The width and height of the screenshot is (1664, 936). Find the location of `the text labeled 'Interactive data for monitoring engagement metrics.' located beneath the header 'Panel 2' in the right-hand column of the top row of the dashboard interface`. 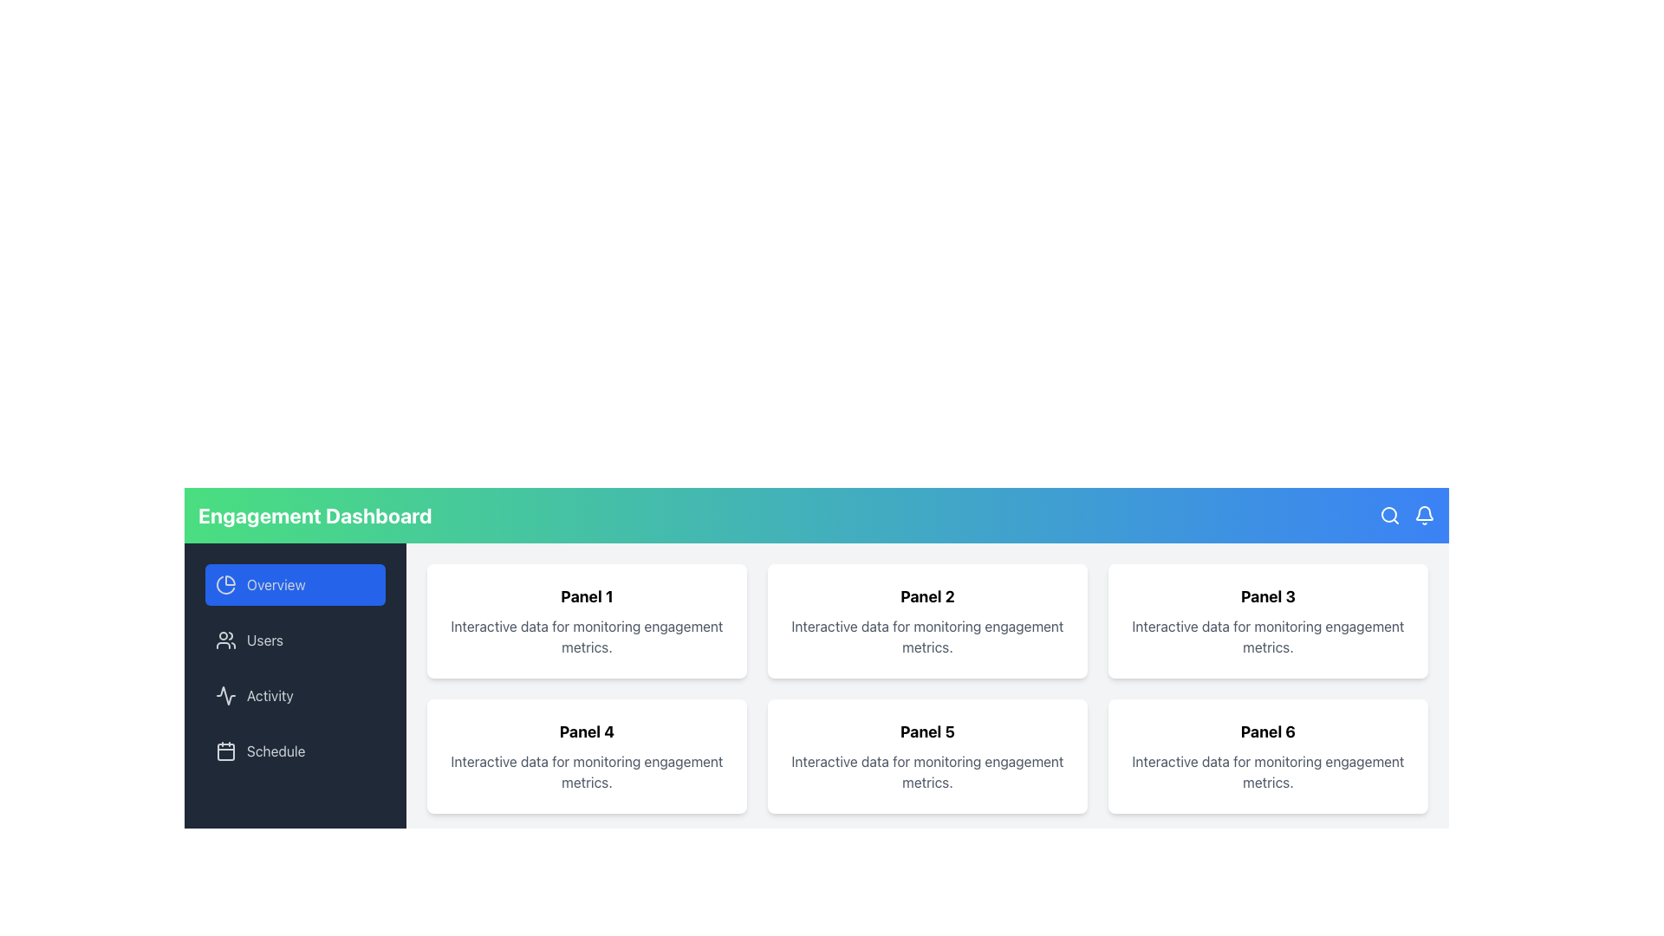

the text labeled 'Interactive data for monitoring engagement metrics.' located beneath the header 'Panel 2' in the right-hand column of the top row of the dashboard interface is located at coordinates (926, 637).